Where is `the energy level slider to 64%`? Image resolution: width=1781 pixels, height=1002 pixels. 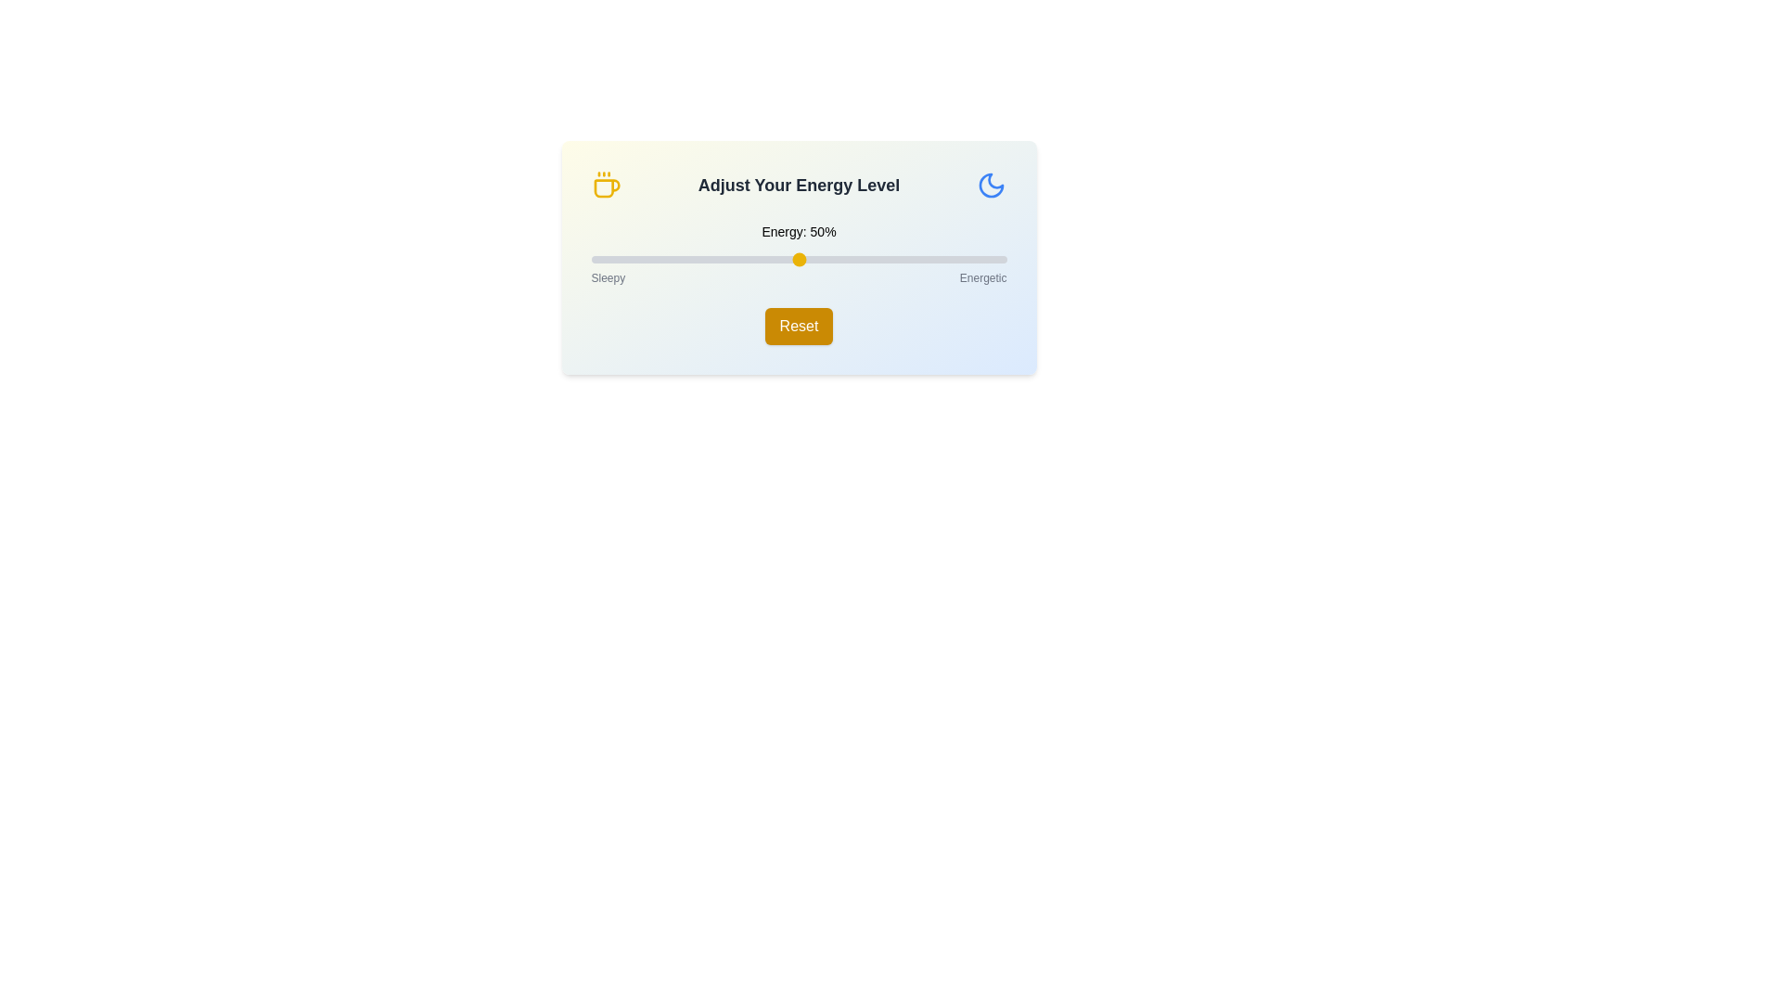 the energy level slider to 64% is located at coordinates (856, 260).